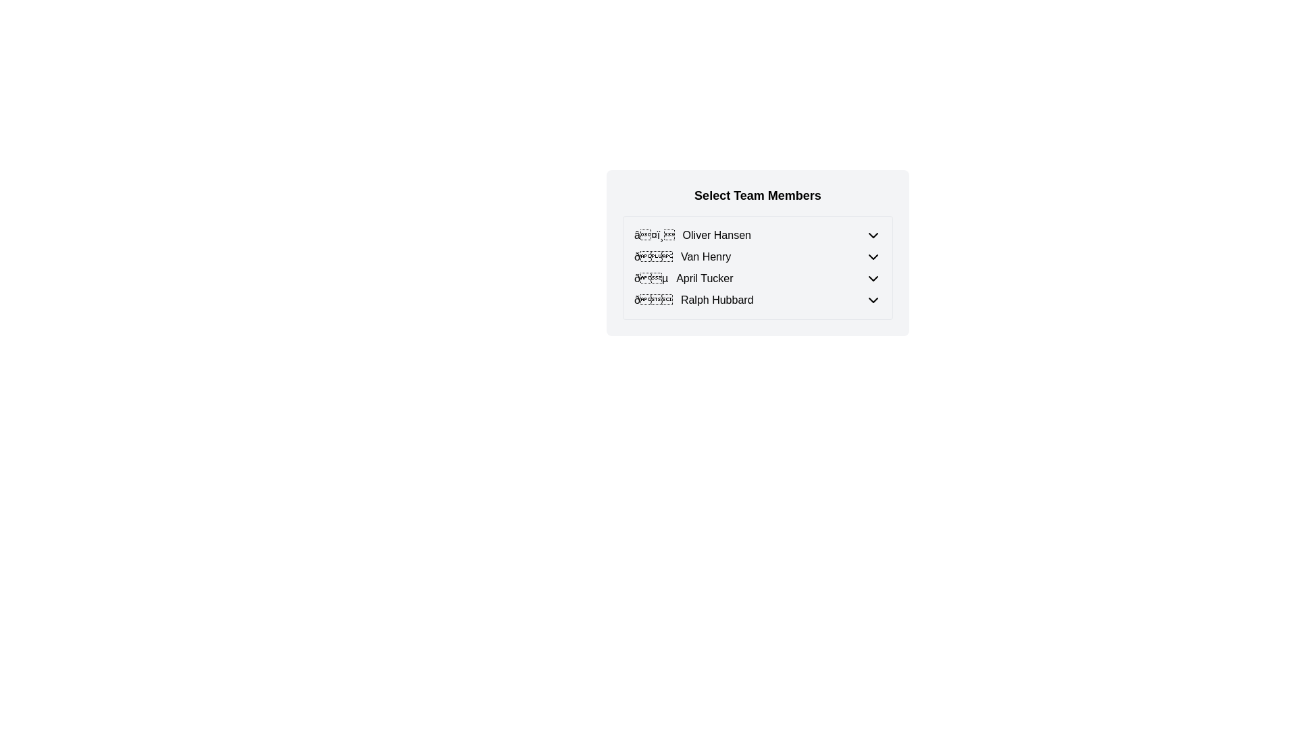 This screenshot has height=729, width=1297. I want to click on the first item in the 'Select Team Members' list to highlight or select the team member's name, so click(692, 234).